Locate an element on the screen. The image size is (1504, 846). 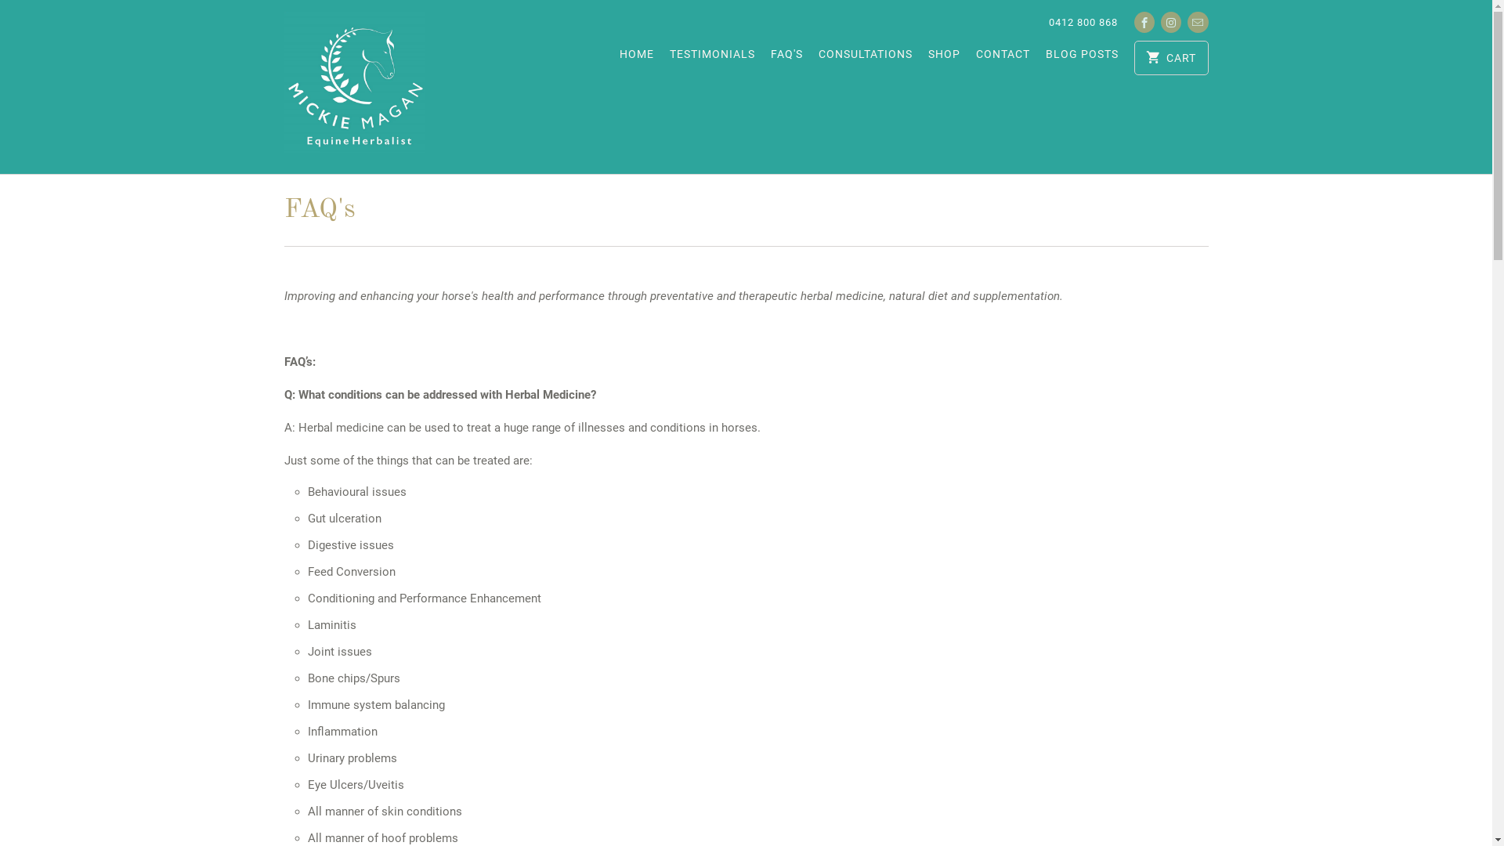
'Mickie Magan Equine Herbalist on Facebook' is located at coordinates (1144, 22).